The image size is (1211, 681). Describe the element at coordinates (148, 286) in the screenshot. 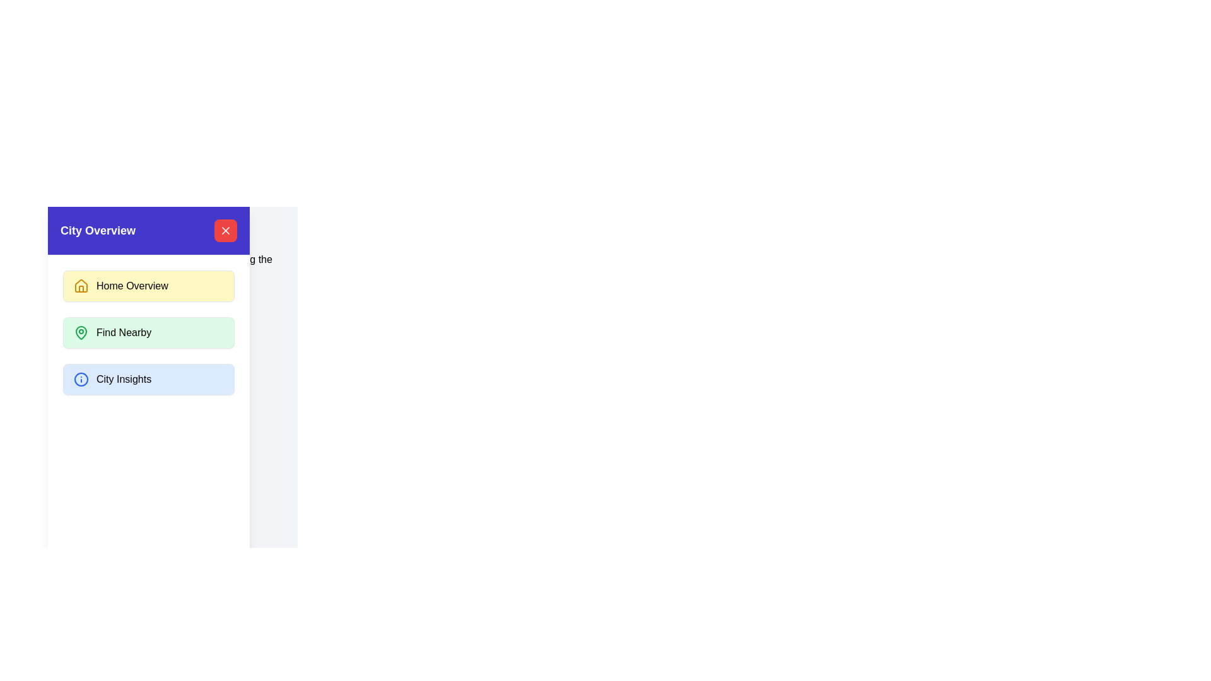

I see `the menu item Home Overview` at that location.